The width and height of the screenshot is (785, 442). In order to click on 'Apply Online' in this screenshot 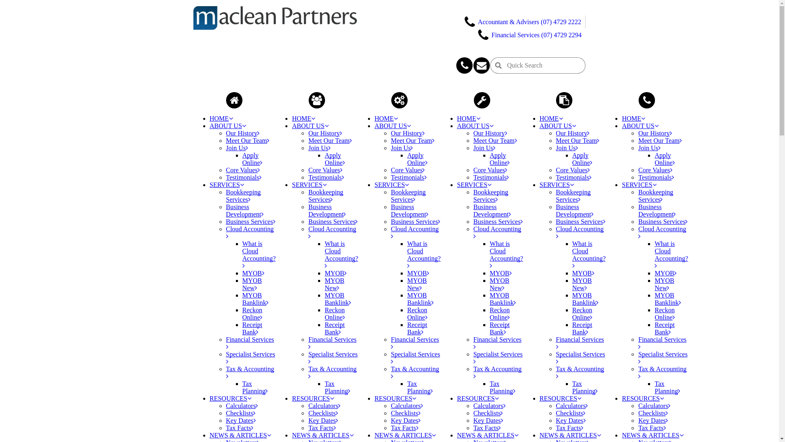, I will do `click(500, 159)`.